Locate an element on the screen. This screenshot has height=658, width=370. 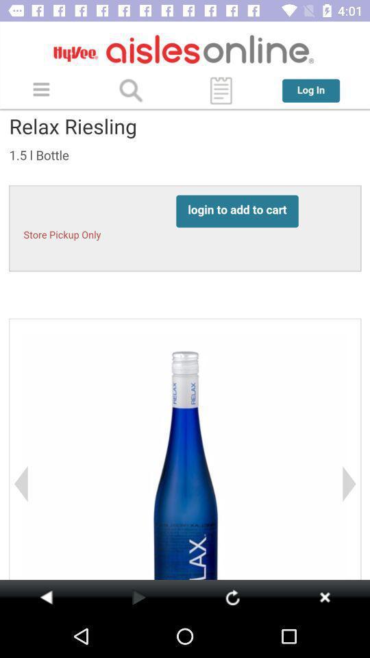
rotate the image is located at coordinates (232, 596).